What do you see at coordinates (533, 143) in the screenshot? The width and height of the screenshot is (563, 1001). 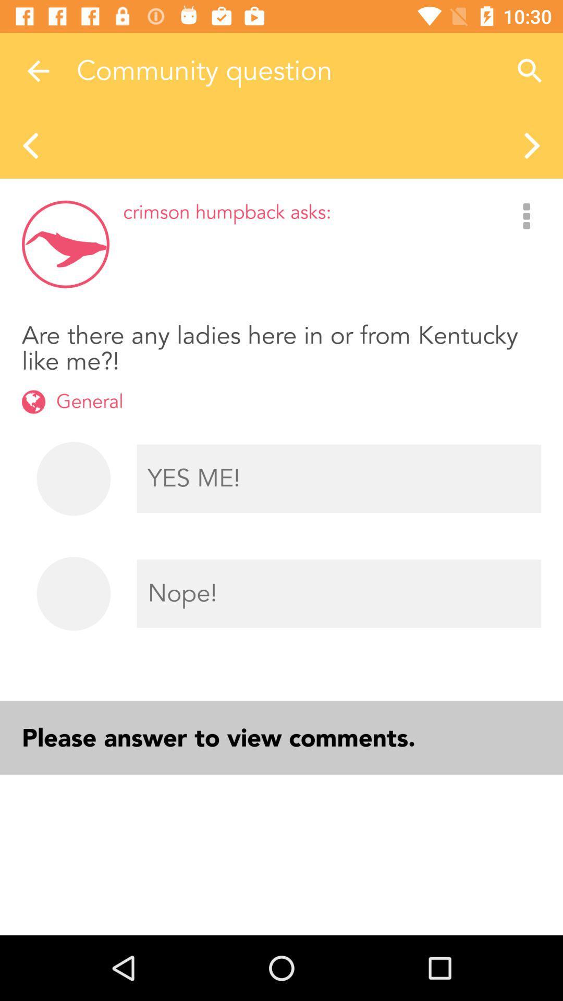 I see `the next button` at bounding box center [533, 143].